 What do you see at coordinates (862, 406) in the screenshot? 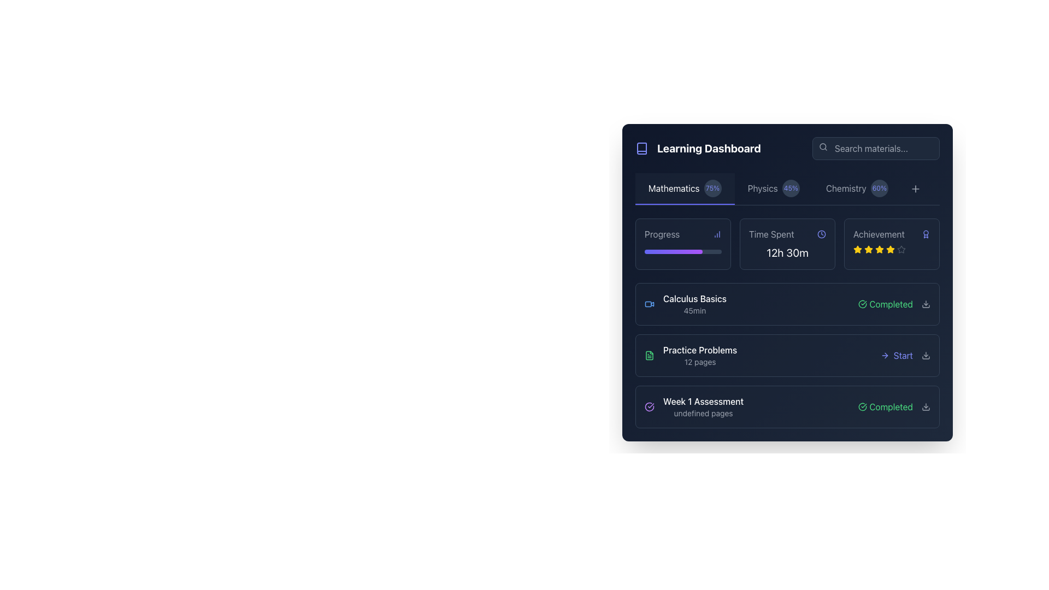
I see `the green circular checkmark icon located next to the 'Completed' text label in the lower right section of the main content area` at bounding box center [862, 406].